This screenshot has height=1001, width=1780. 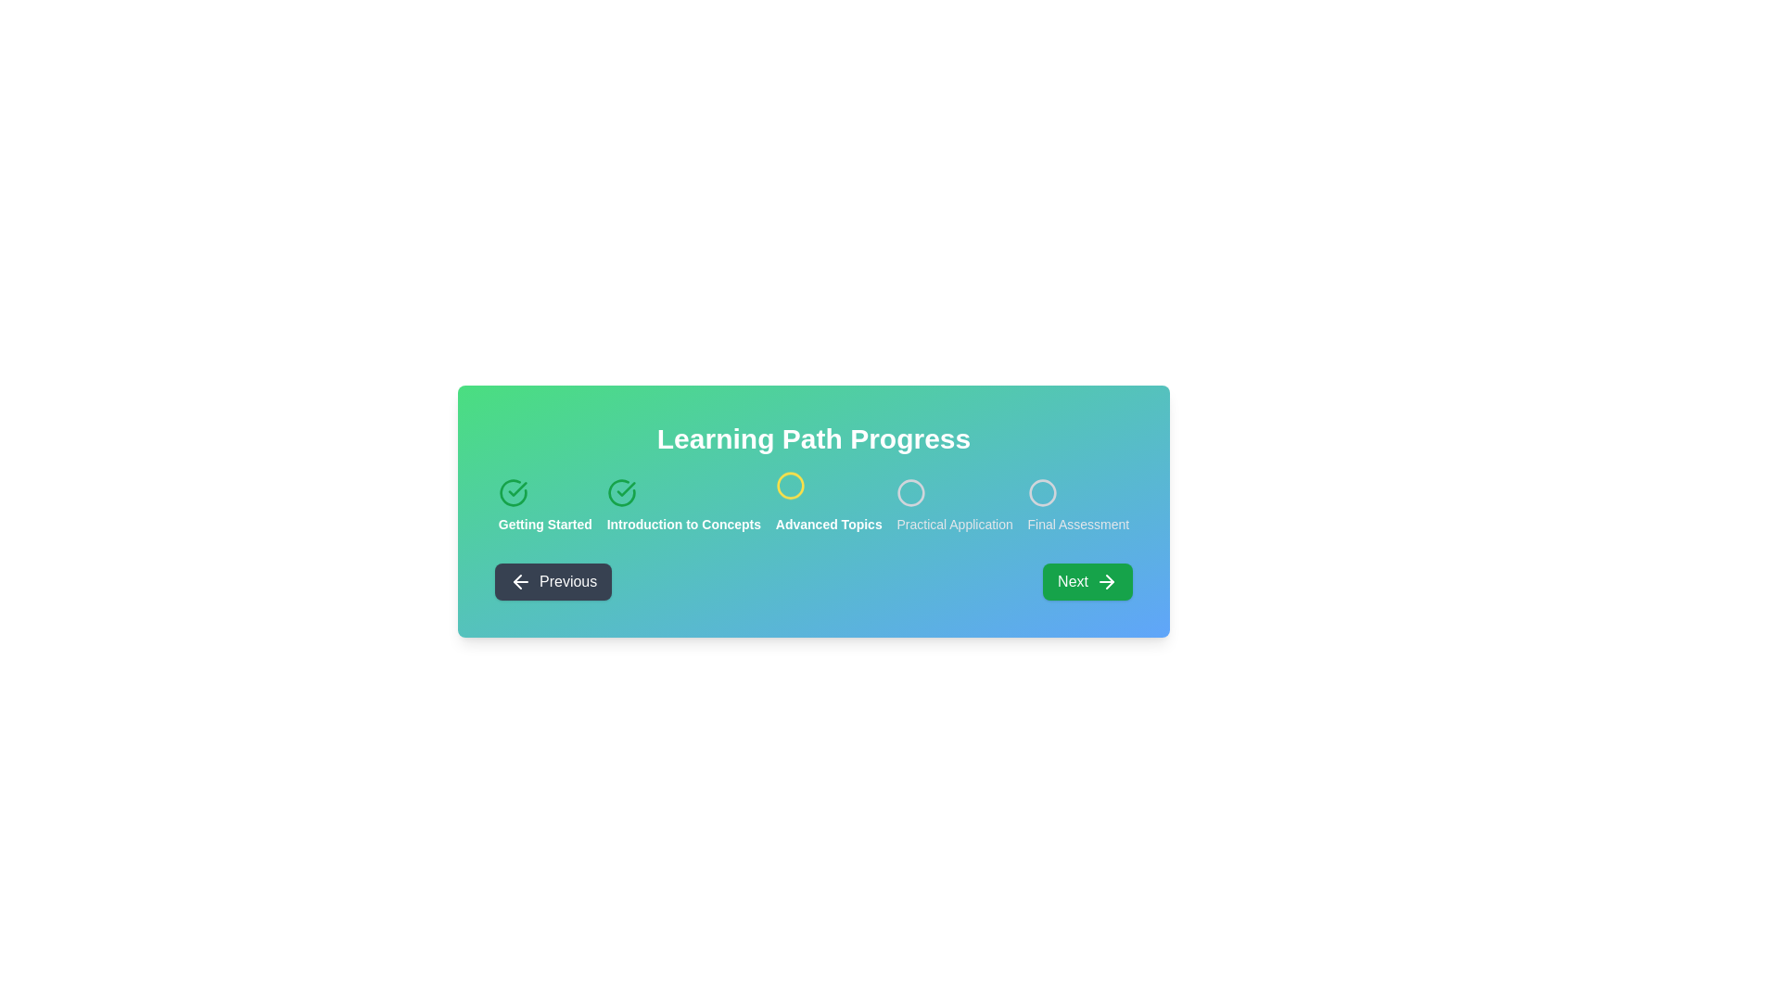 I want to click on the 'Final Assessment' label, which is a small light gray text label positioned at the far right of the row on a gradient background, so click(x=1078, y=525).